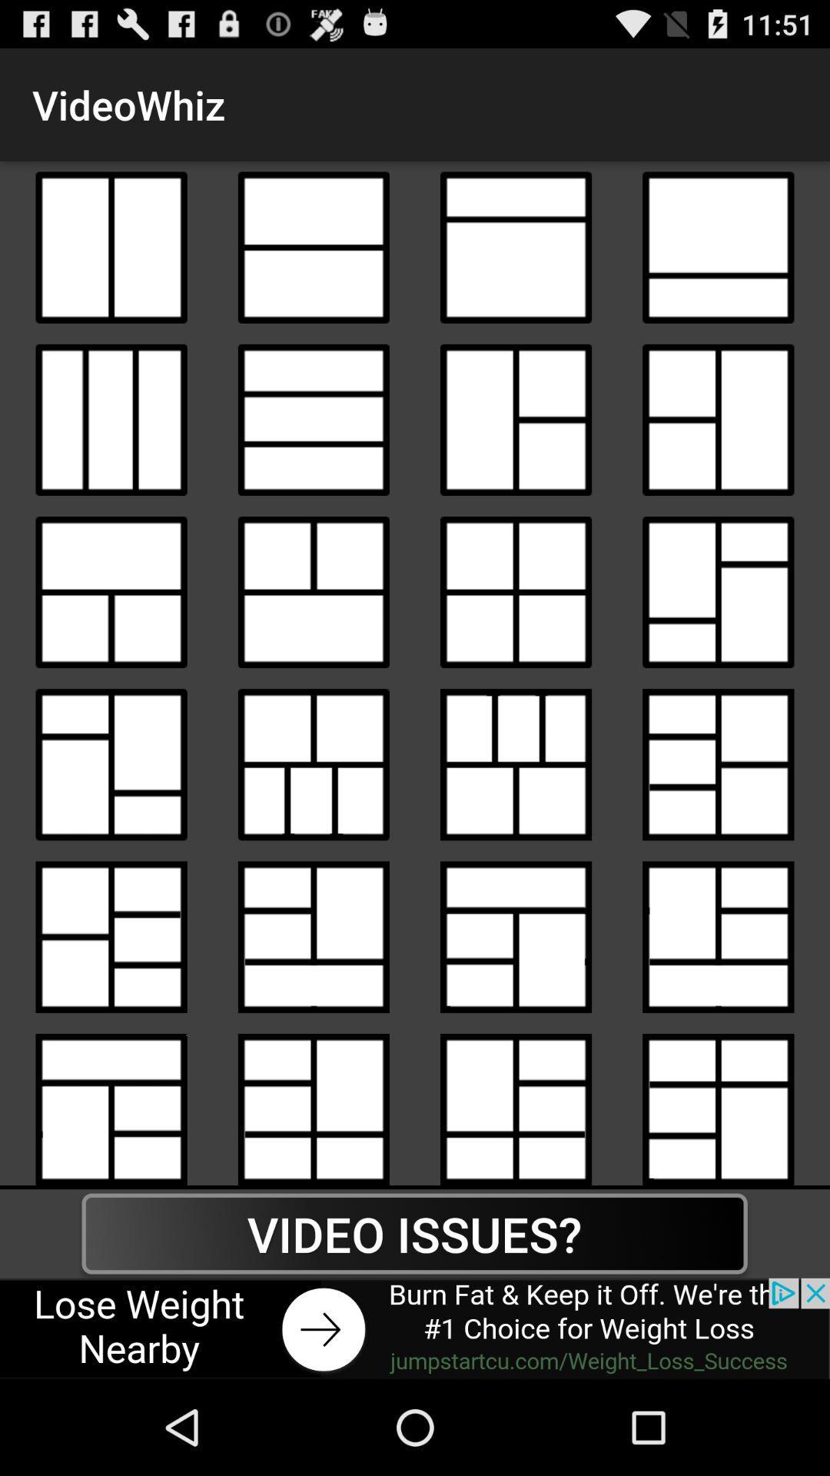  I want to click on video split options, so click(516, 420).